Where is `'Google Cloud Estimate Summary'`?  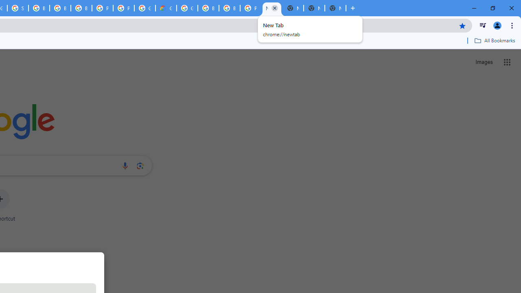 'Google Cloud Estimate Summary' is located at coordinates (165, 8).